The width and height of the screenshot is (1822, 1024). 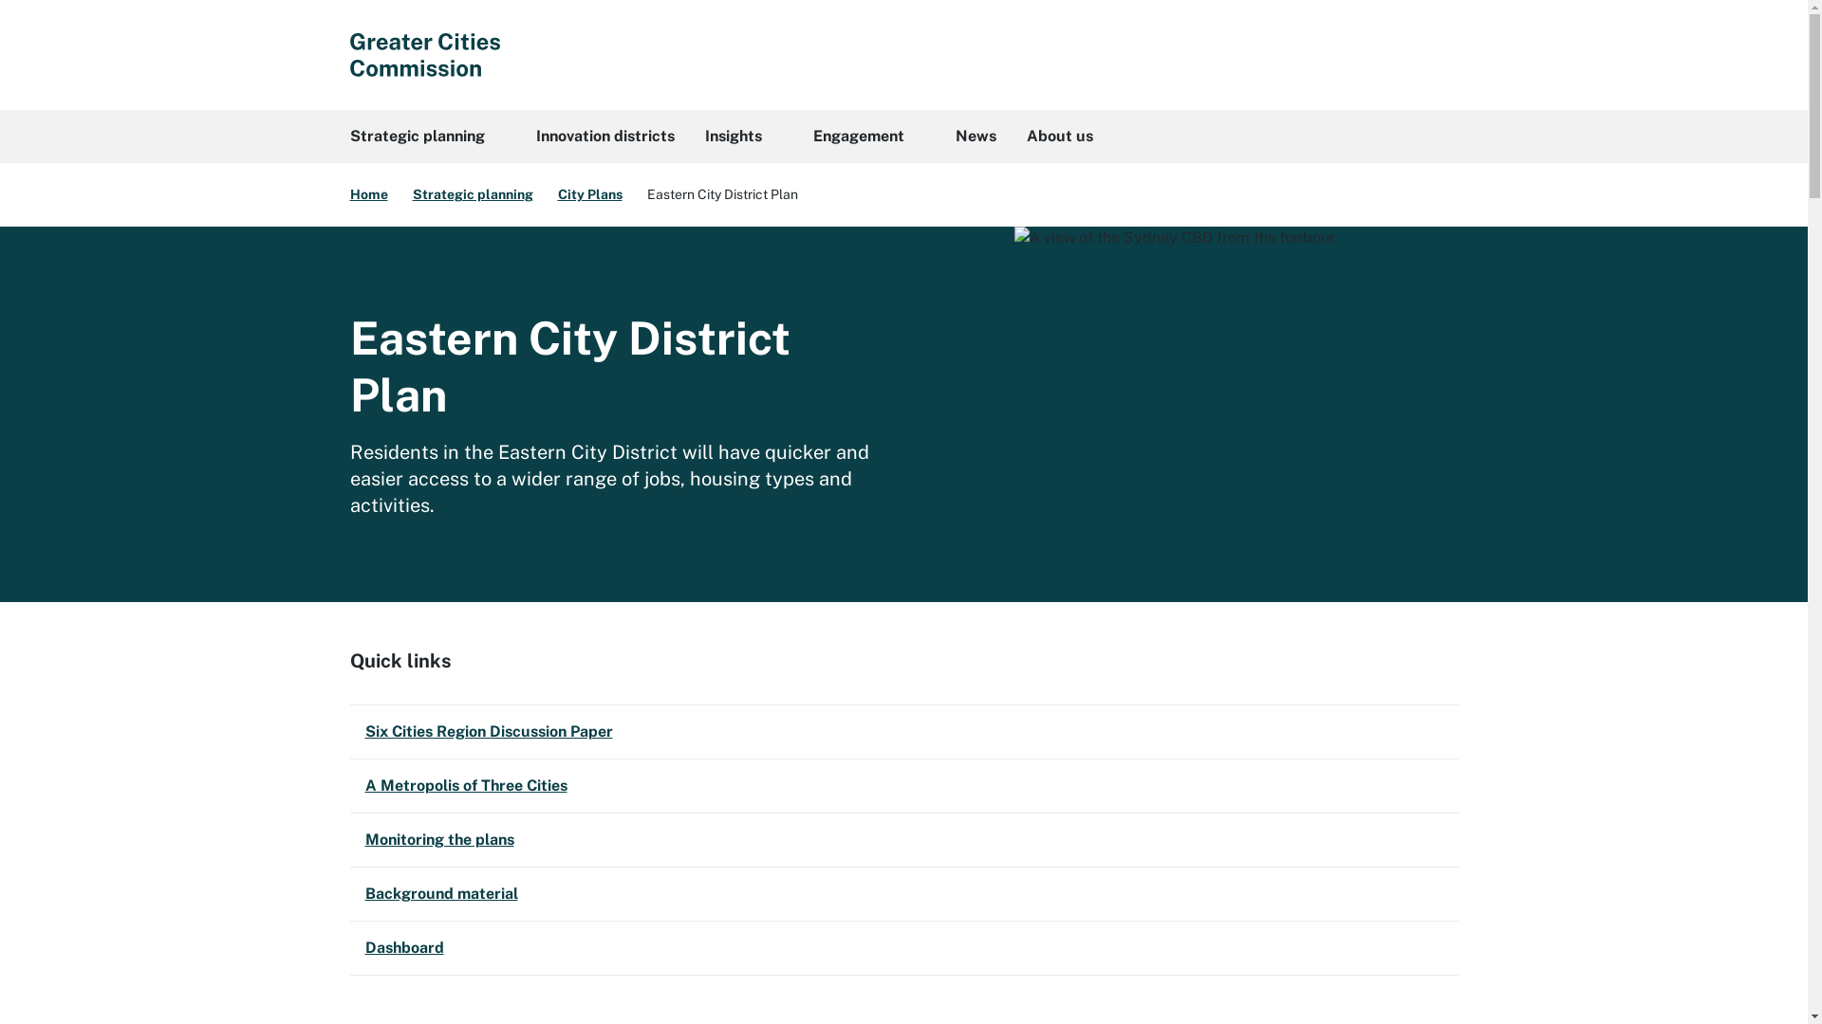 What do you see at coordinates (975, 135) in the screenshot?
I see `'News'` at bounding box center [975, 135].